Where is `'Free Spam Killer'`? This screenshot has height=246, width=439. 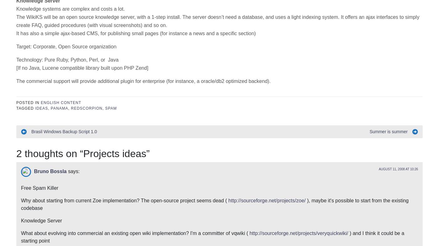 'Free Spam Killer' is located at coordinates (21, 94).